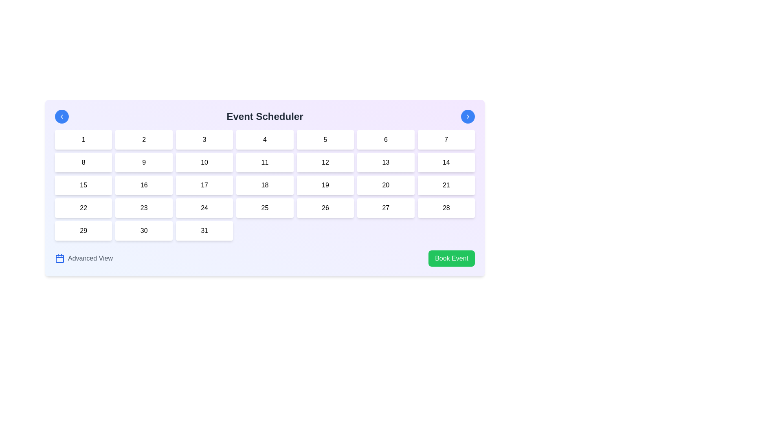  What do you see at coordinates (265, 139) in the screenshot?
I see `the button displaying the number '4', which has a white background and rounded corners` at bounding box center [265, 139].